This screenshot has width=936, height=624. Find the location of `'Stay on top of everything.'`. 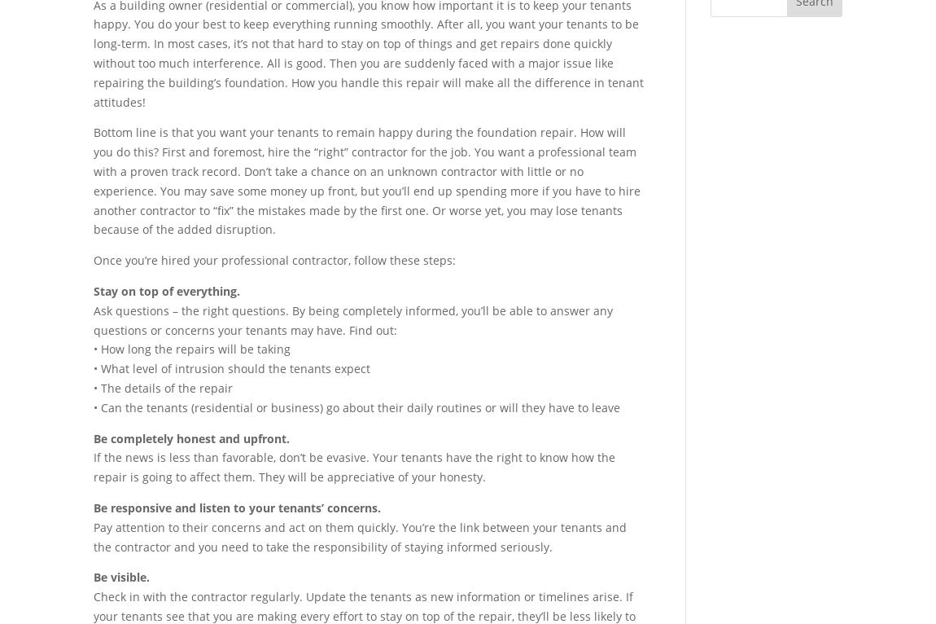

'Stay on top of everything.' is located at coordinates (166, 290).